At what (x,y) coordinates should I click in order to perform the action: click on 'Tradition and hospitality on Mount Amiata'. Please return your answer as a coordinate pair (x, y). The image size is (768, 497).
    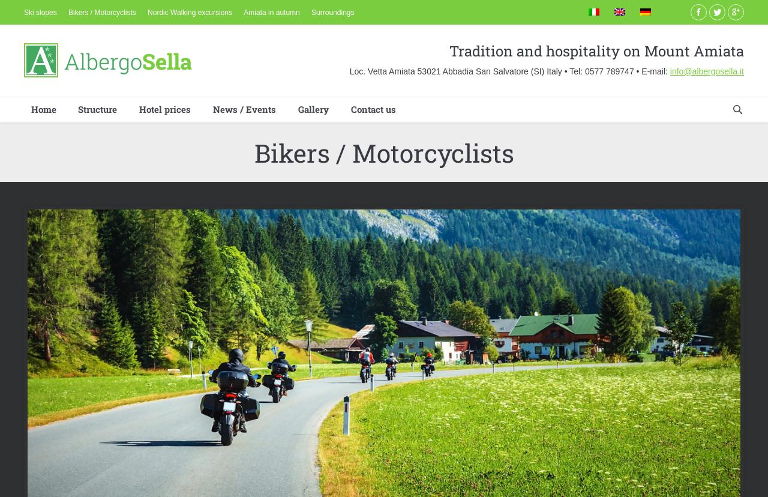
    Looking at the image, I should click on (596, 50).